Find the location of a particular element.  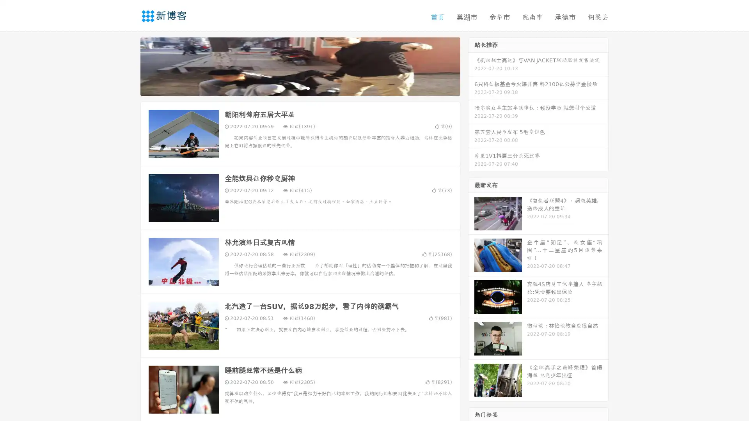

Go to slide 1 is located at coordinates (292, 88).